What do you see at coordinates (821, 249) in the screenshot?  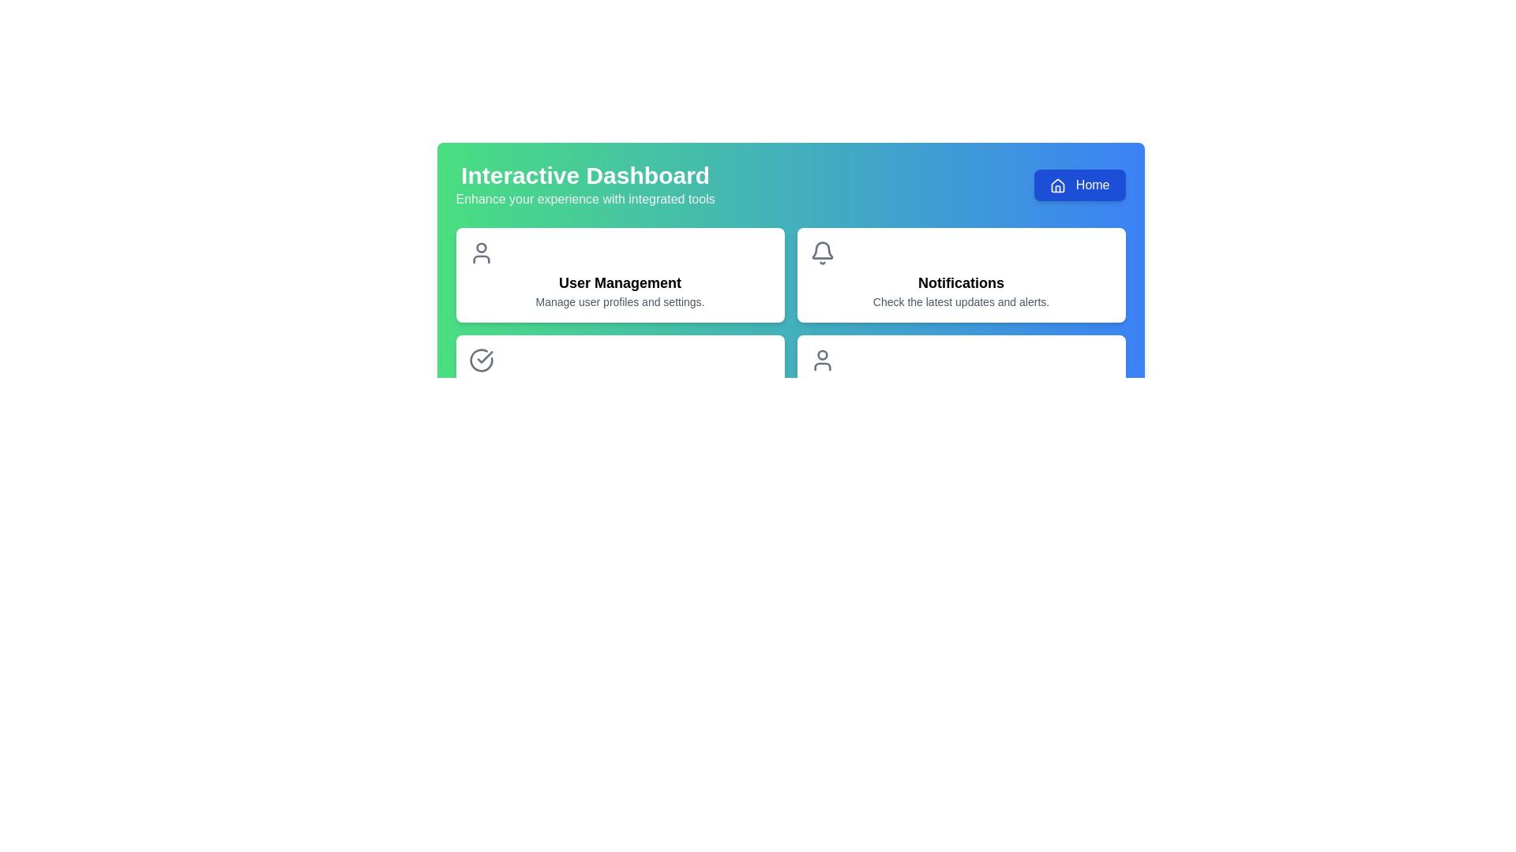 I see `the presence of the gray bell-shaped notification icon located in the top right section of the layout, below the title 'Notifications'` at bounding box center [821, 249].